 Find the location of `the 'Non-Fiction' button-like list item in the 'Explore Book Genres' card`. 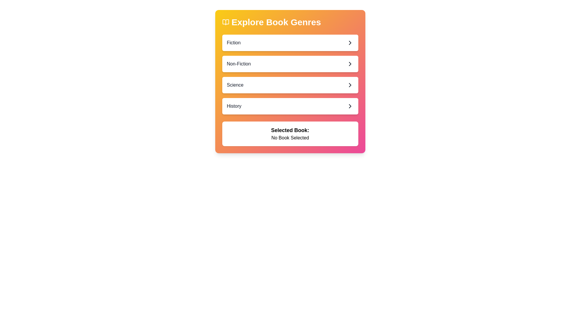

the 'Non-Fiction' button-like list item in the 'Explore Book Genres' card is located at coordinates (290, 64).